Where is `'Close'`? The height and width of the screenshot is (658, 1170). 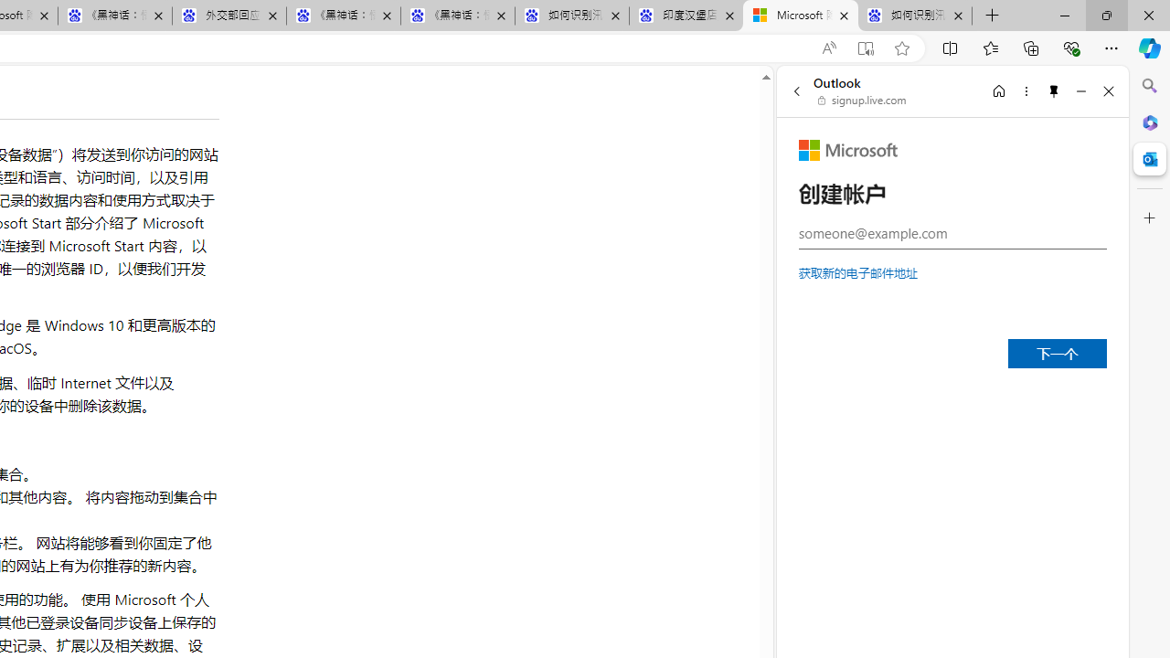 'Close' is located at coordinates (1108, 90).